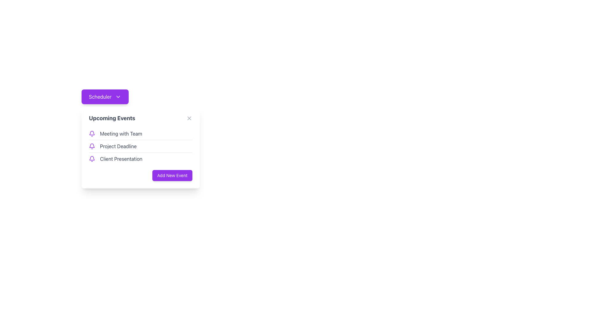 The height and width of the screenshot is (332, 591). I want to click on the 'Client Presentation' text label, which is styled in gray and positioned, so click(121, 158).